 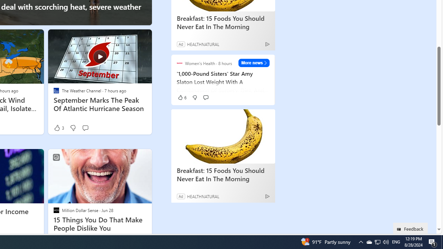 What do you see at coordinates (400, 229) in the screenshot?
I see `'Class: feedback_link_icon-DS-EntryPoint1-1'` at bounding box center [400, 229].